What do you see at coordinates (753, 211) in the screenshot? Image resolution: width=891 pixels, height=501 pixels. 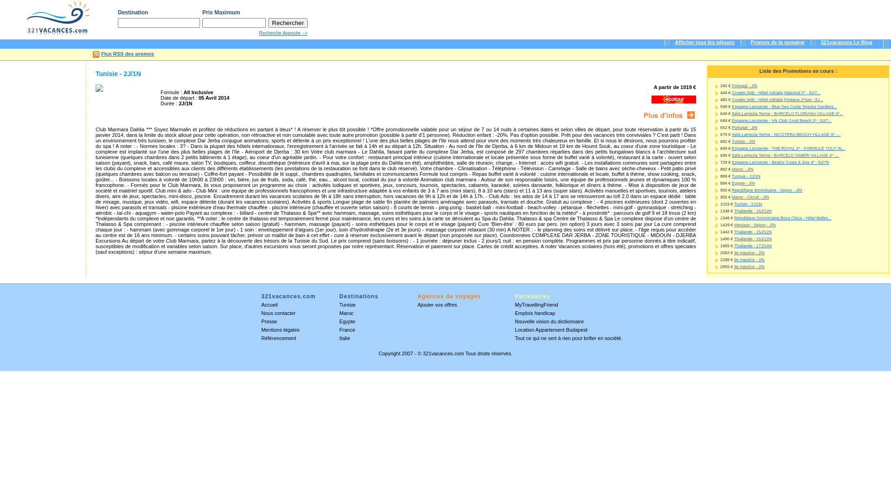 I see `'Thailande - 15J/12N'` at bounding box center [753, 211].